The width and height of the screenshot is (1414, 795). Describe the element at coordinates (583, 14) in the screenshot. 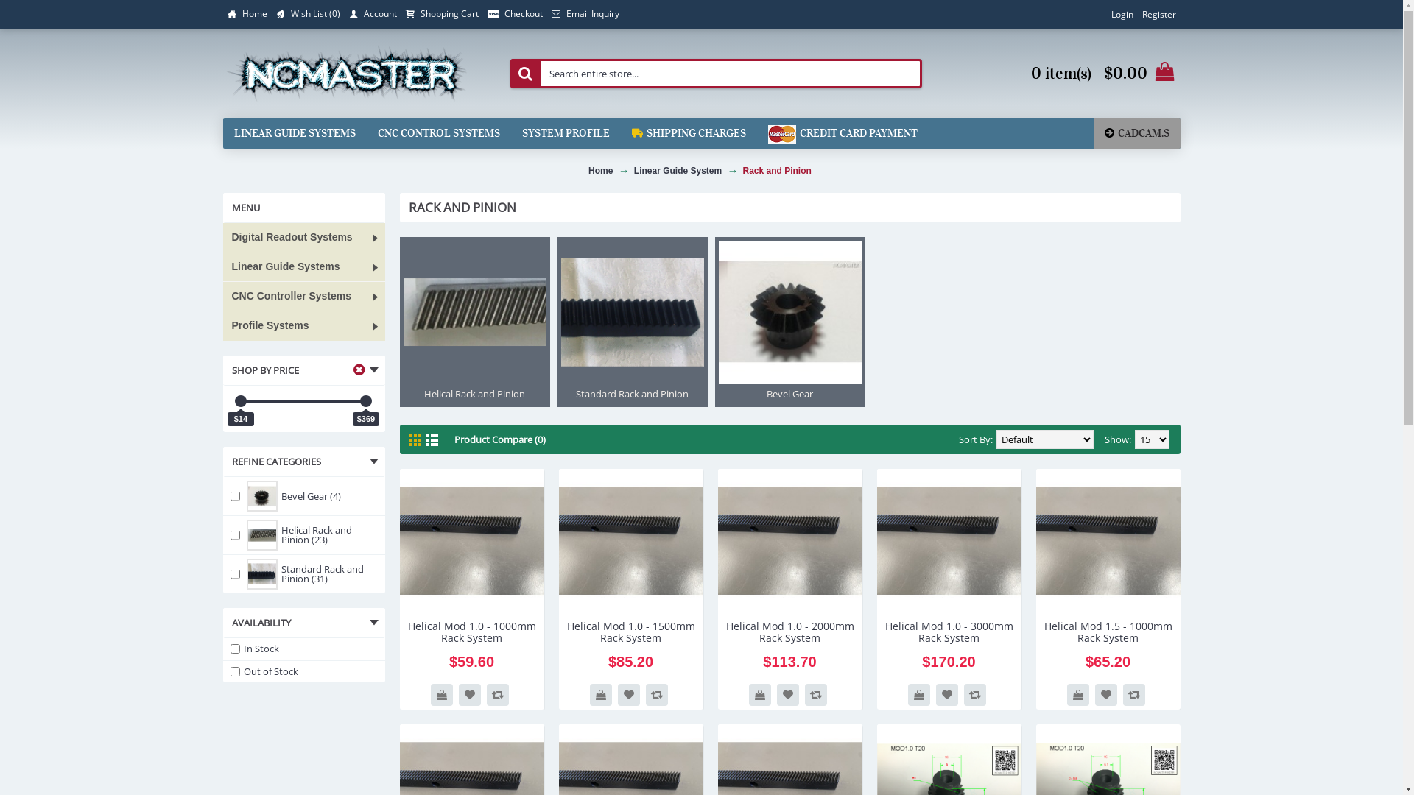

I see `'Email Inquiry'` at that location.